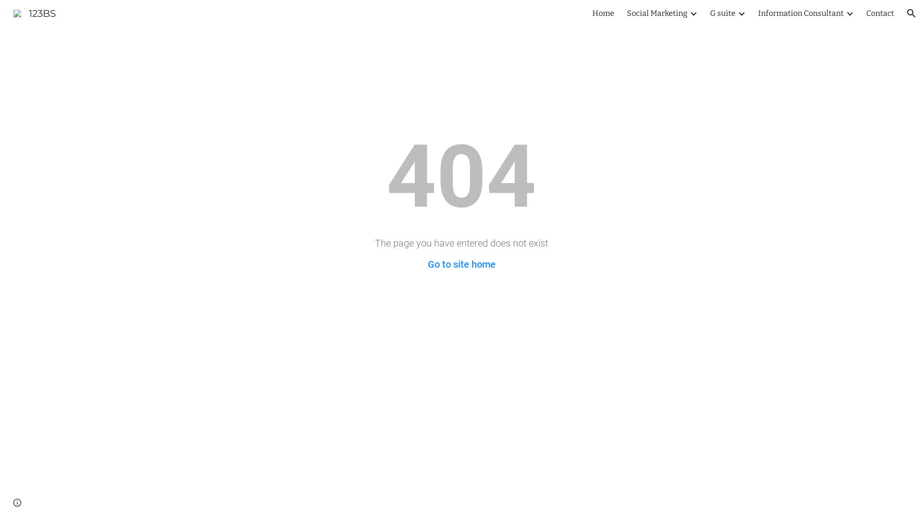 This screenshot has width=923, height=519. What do you see at coordinates (657, 13) in the screenshot?
I see `'Social Marketing'` at bounding box center [657, 13].